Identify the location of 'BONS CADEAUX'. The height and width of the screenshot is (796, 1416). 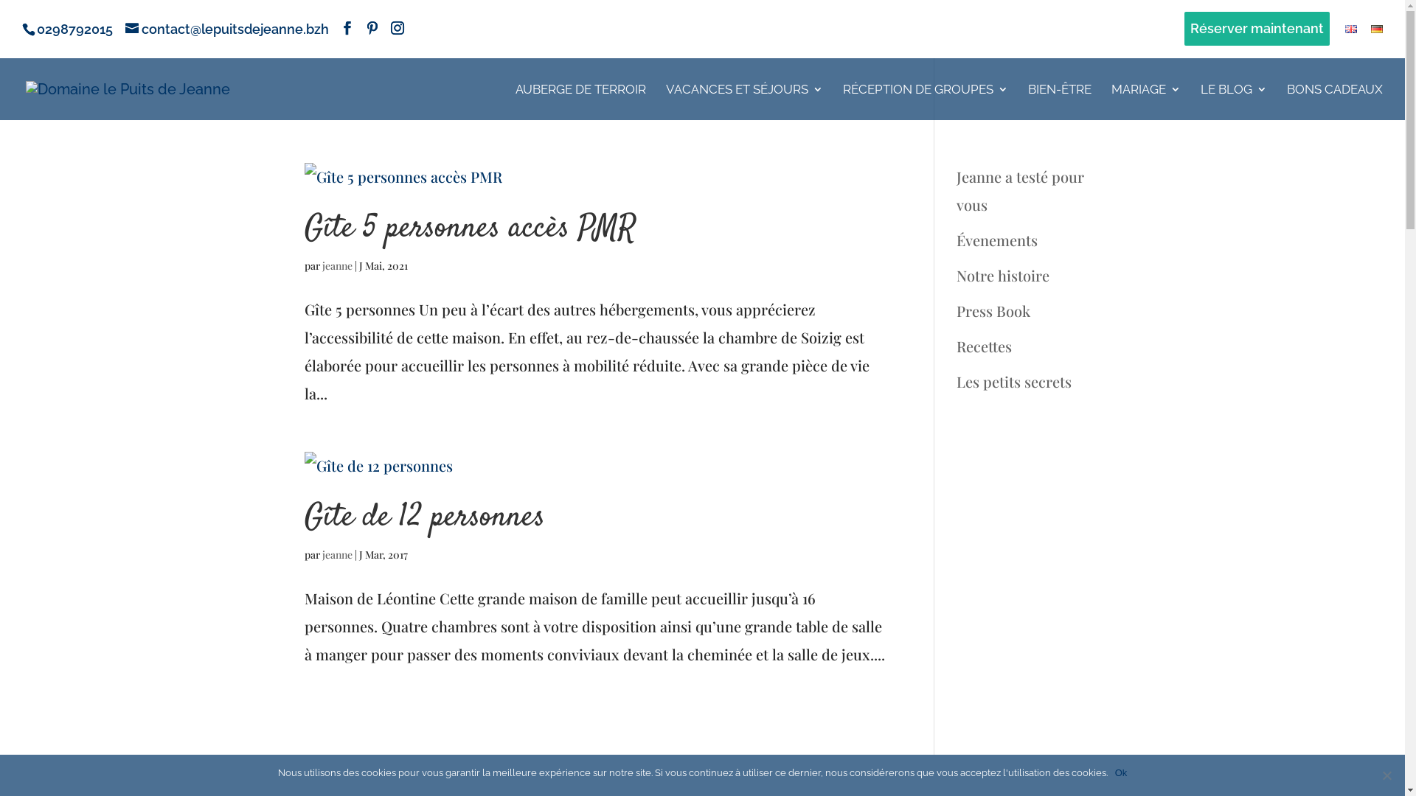
(1334, 101).